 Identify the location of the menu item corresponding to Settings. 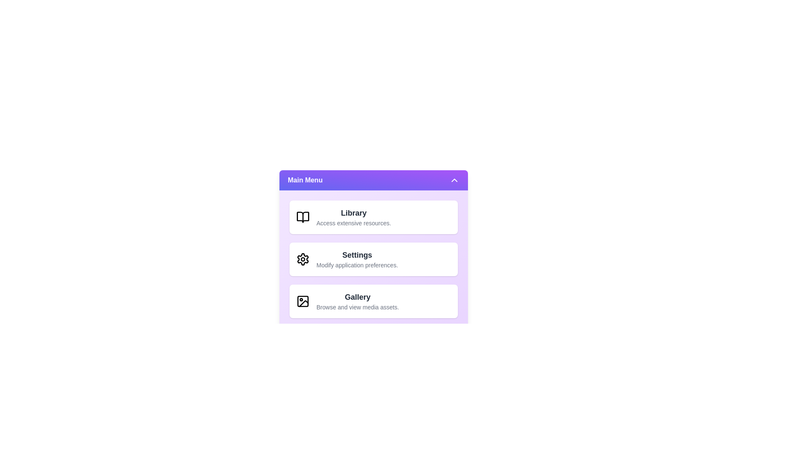
(373, 259).